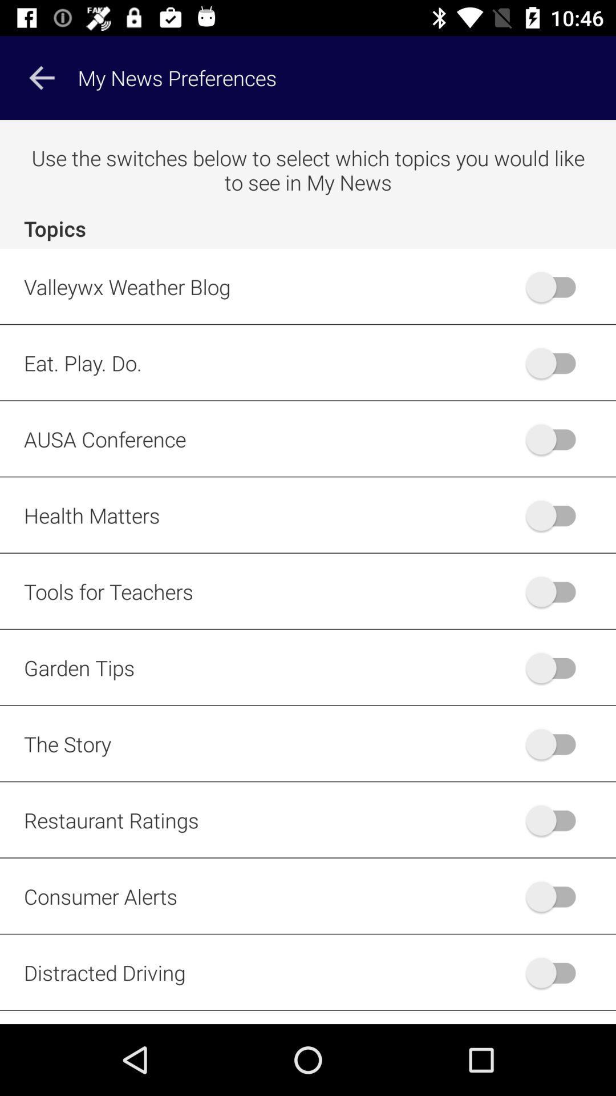 The height and width of the screenshot is (1096, 616). I want to click on volum, so click(556, 591).